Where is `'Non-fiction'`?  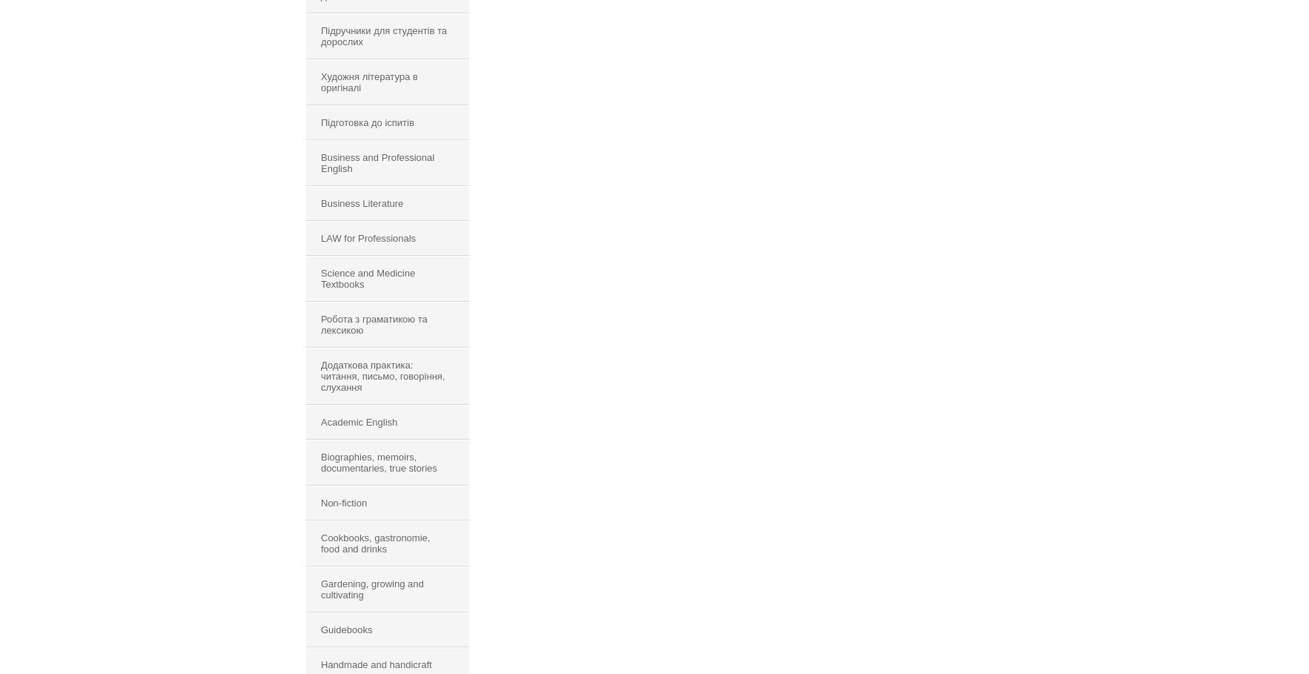
'Non-fiction' is located at coordinates (343, 503).